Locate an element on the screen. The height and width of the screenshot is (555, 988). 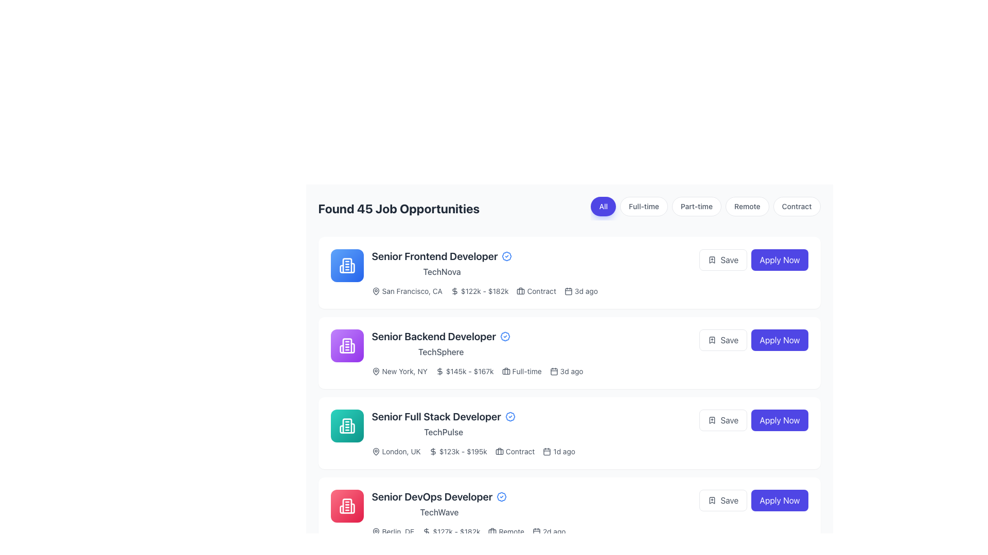
the job application button located at the bottom of the fourth job listing card is located at coordinates (780, 500).